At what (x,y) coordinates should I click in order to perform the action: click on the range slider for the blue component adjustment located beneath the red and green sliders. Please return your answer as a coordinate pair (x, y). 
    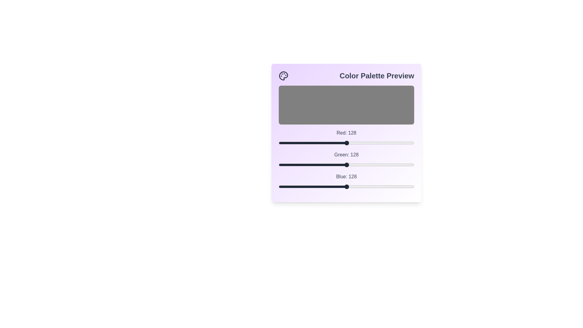
    Looking at the image, I should click on (346, 181).